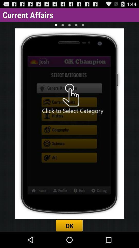 The height and width of the screenshot is (248, 139). I want to click on item below the current affairs icon, so click(56, 25).